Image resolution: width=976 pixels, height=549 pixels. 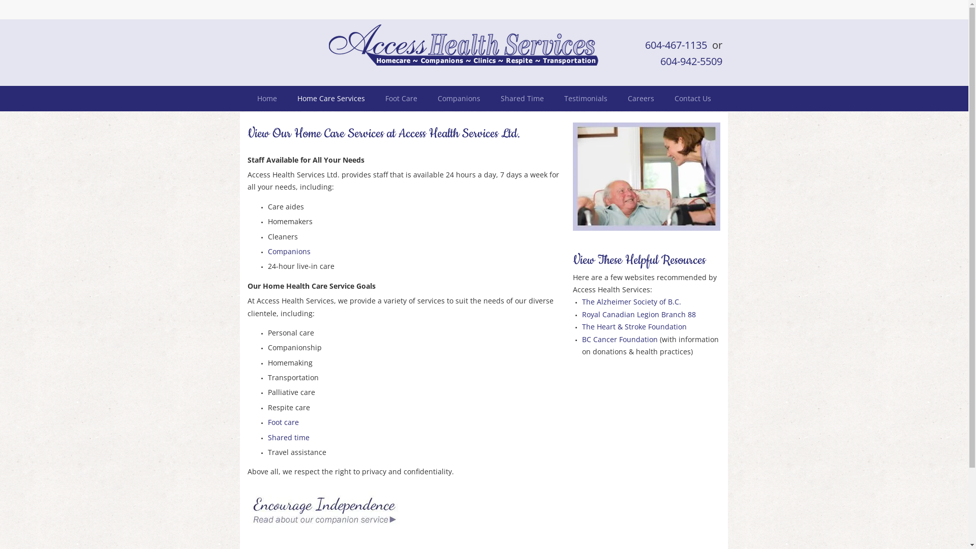 I want to click on 'Shared time', so click(x=287, y=437).